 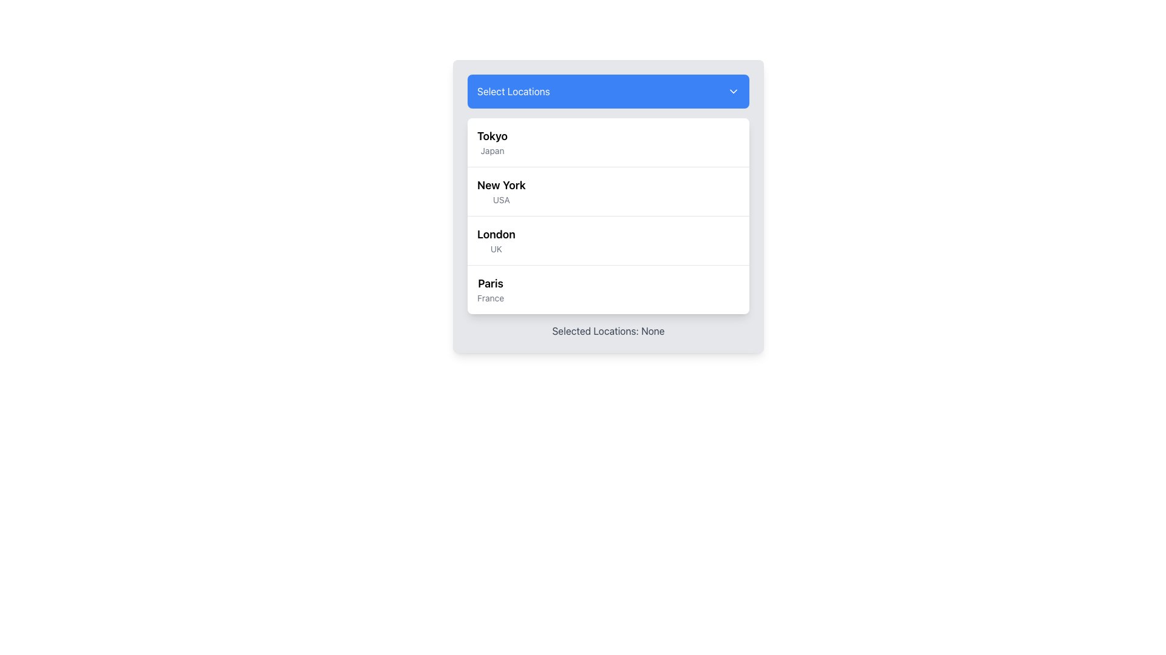 I want to click on to select the list item displaying 'London' in bold, which is the third item in the list, positioned between 'New York, USA' and 'Paris, France', so click(x=609, y=240).